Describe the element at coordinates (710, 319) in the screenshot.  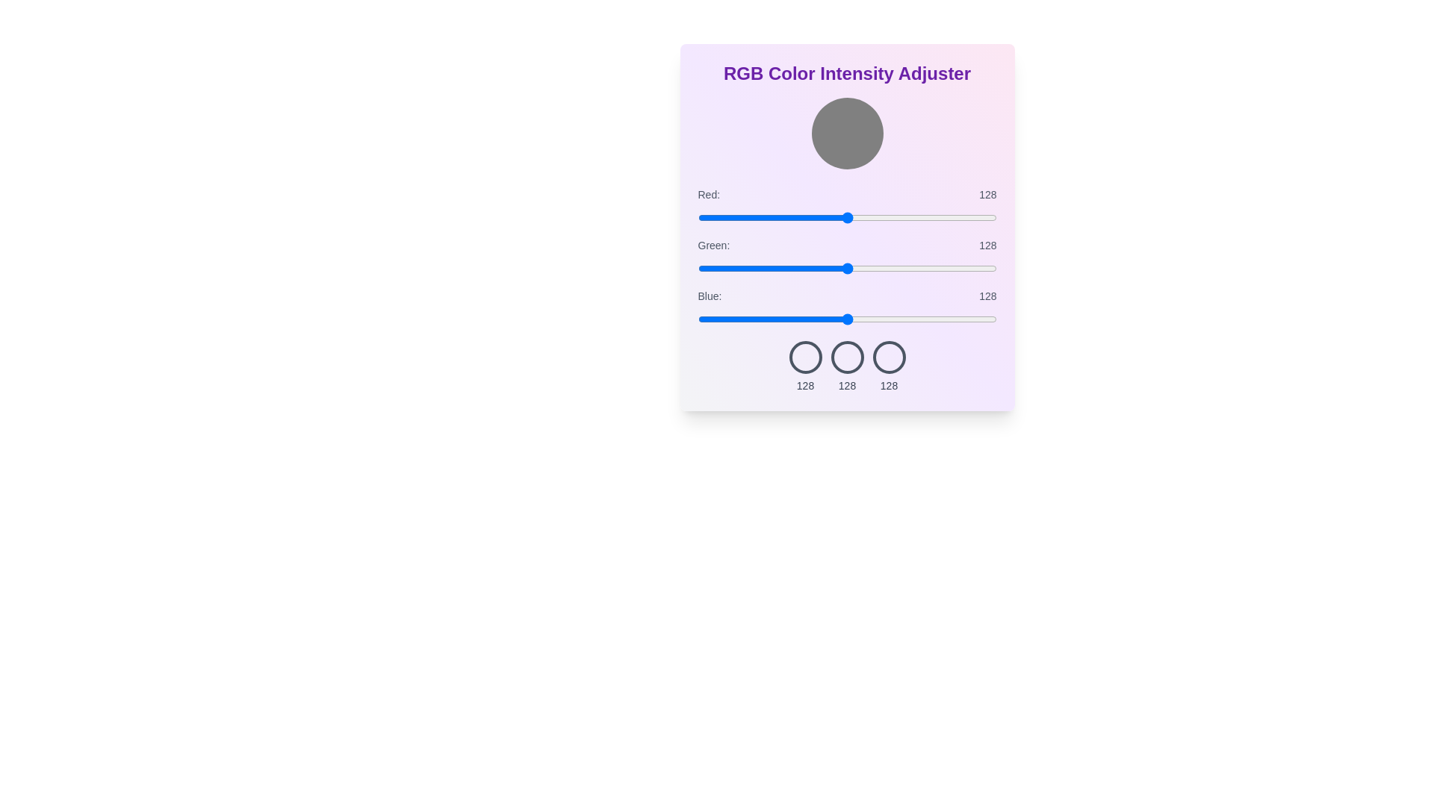
I see `the blue slider to 11` at that location.